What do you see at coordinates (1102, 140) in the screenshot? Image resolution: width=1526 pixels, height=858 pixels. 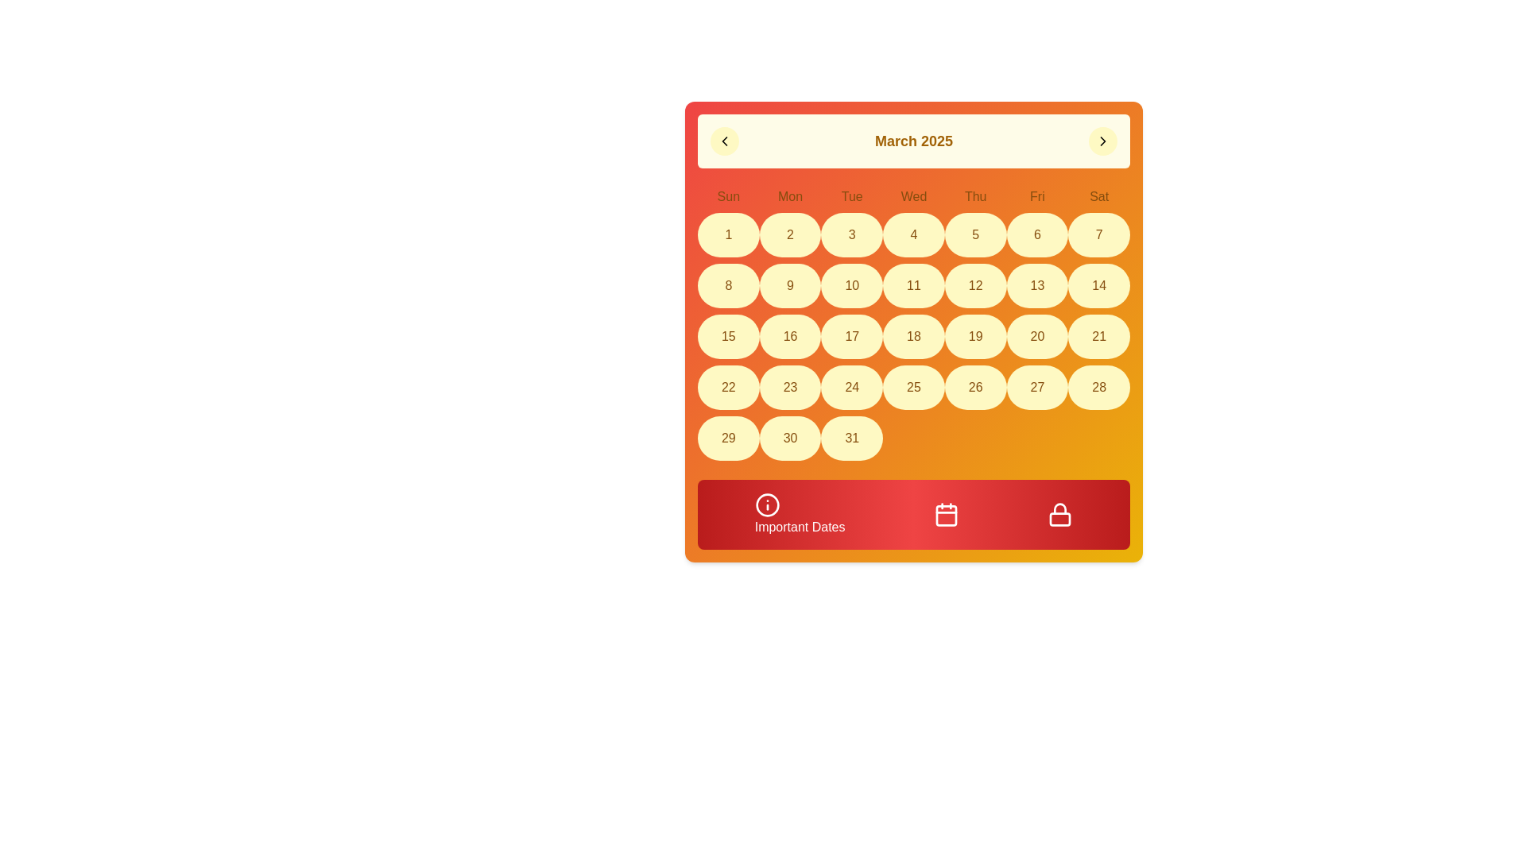 I see `the rightward-pointing chevron icon on the circular button located at the top-right corner of the calendar header` at bounding box center [1102, 140].